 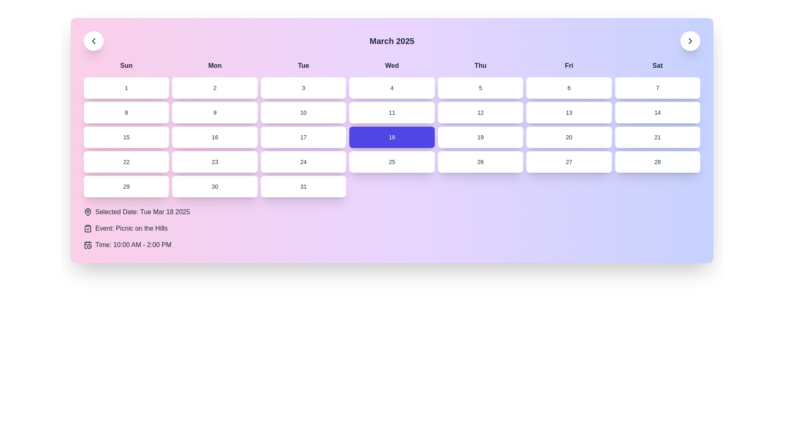 What do you see at coordinates (126, 137) in the screenshot?
I see `the button labeled '15' which is a rectangular block with a white background that changes to light indigo upon hovering, located in the fourth row and first column of the grid` at bounding box center [126, 137].